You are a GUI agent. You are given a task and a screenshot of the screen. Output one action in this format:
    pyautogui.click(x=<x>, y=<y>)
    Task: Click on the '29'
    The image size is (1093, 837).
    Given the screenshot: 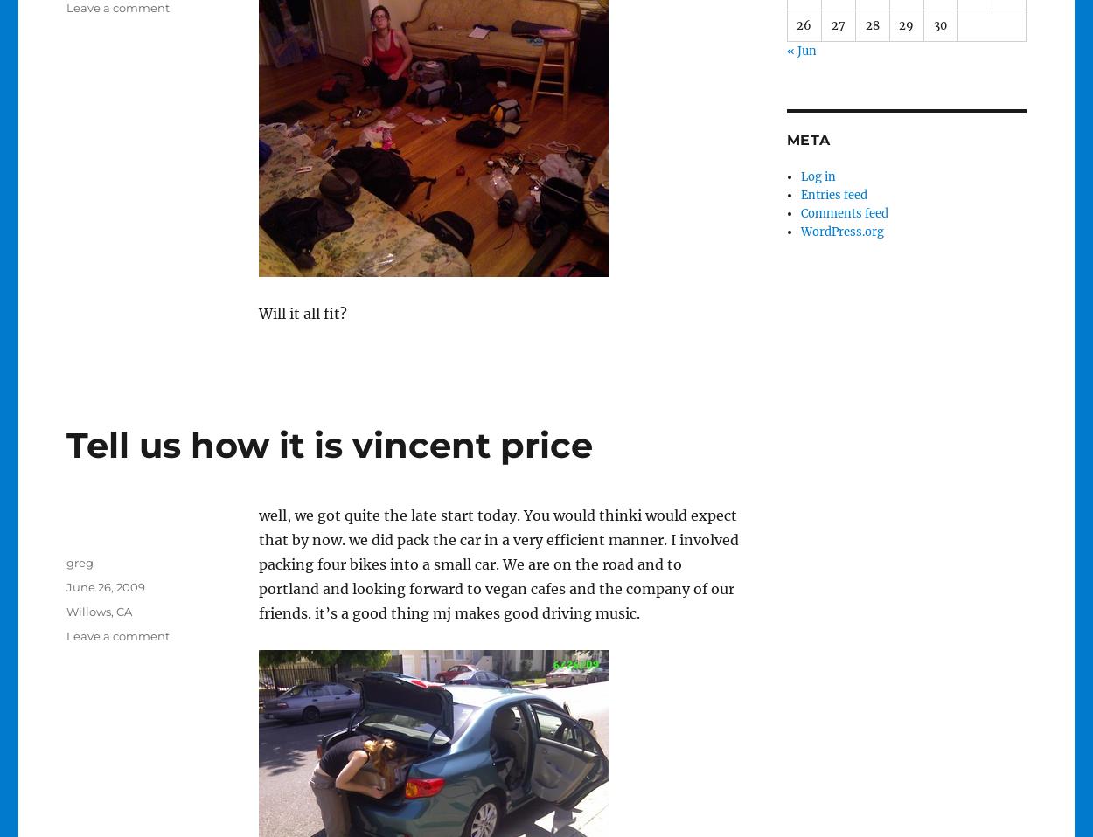 What is the action you would take?
    pyautogui.click(x=906, y=24)
    